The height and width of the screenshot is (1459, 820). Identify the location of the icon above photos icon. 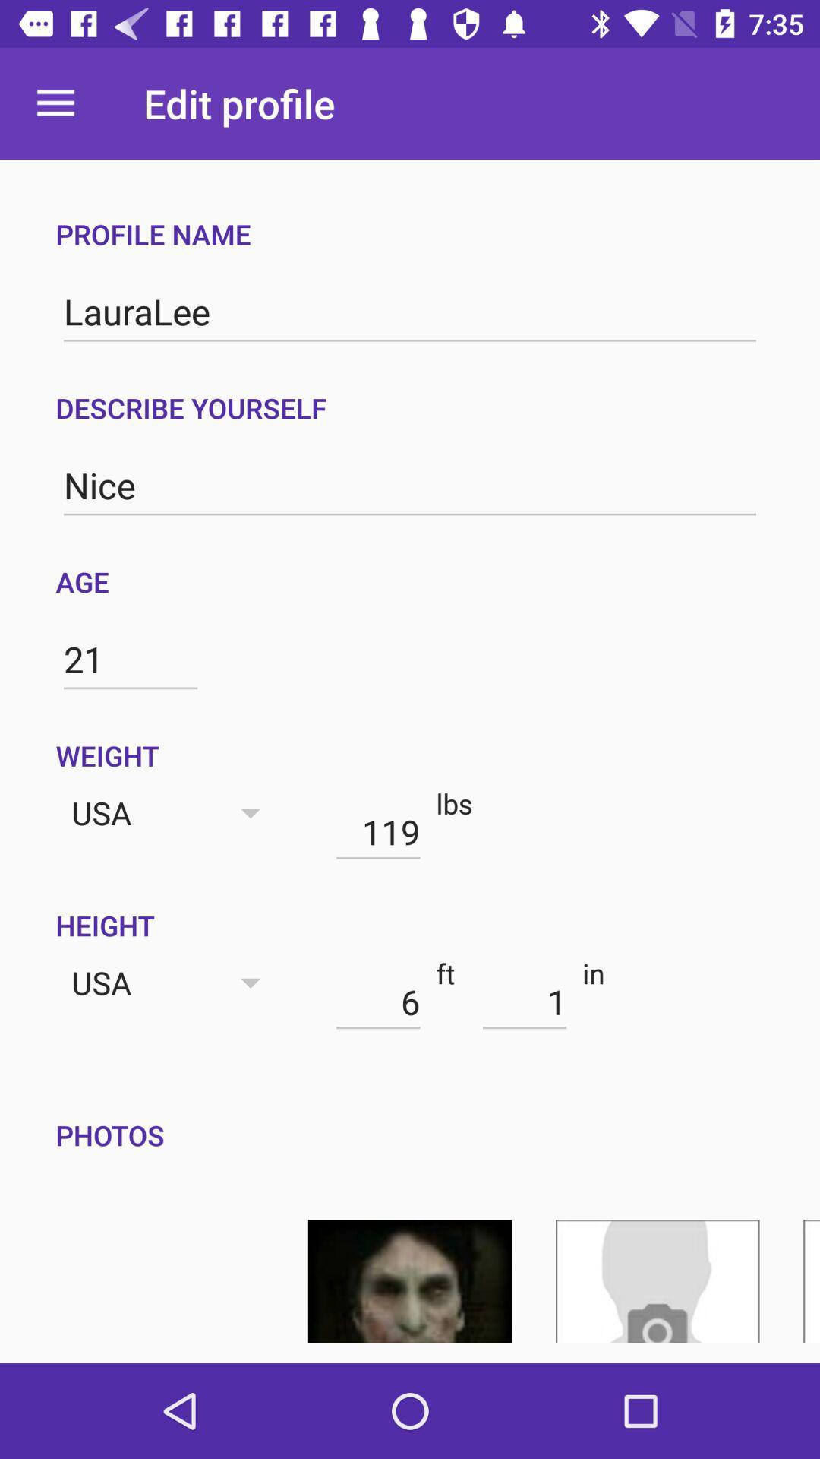
(524, 1002).